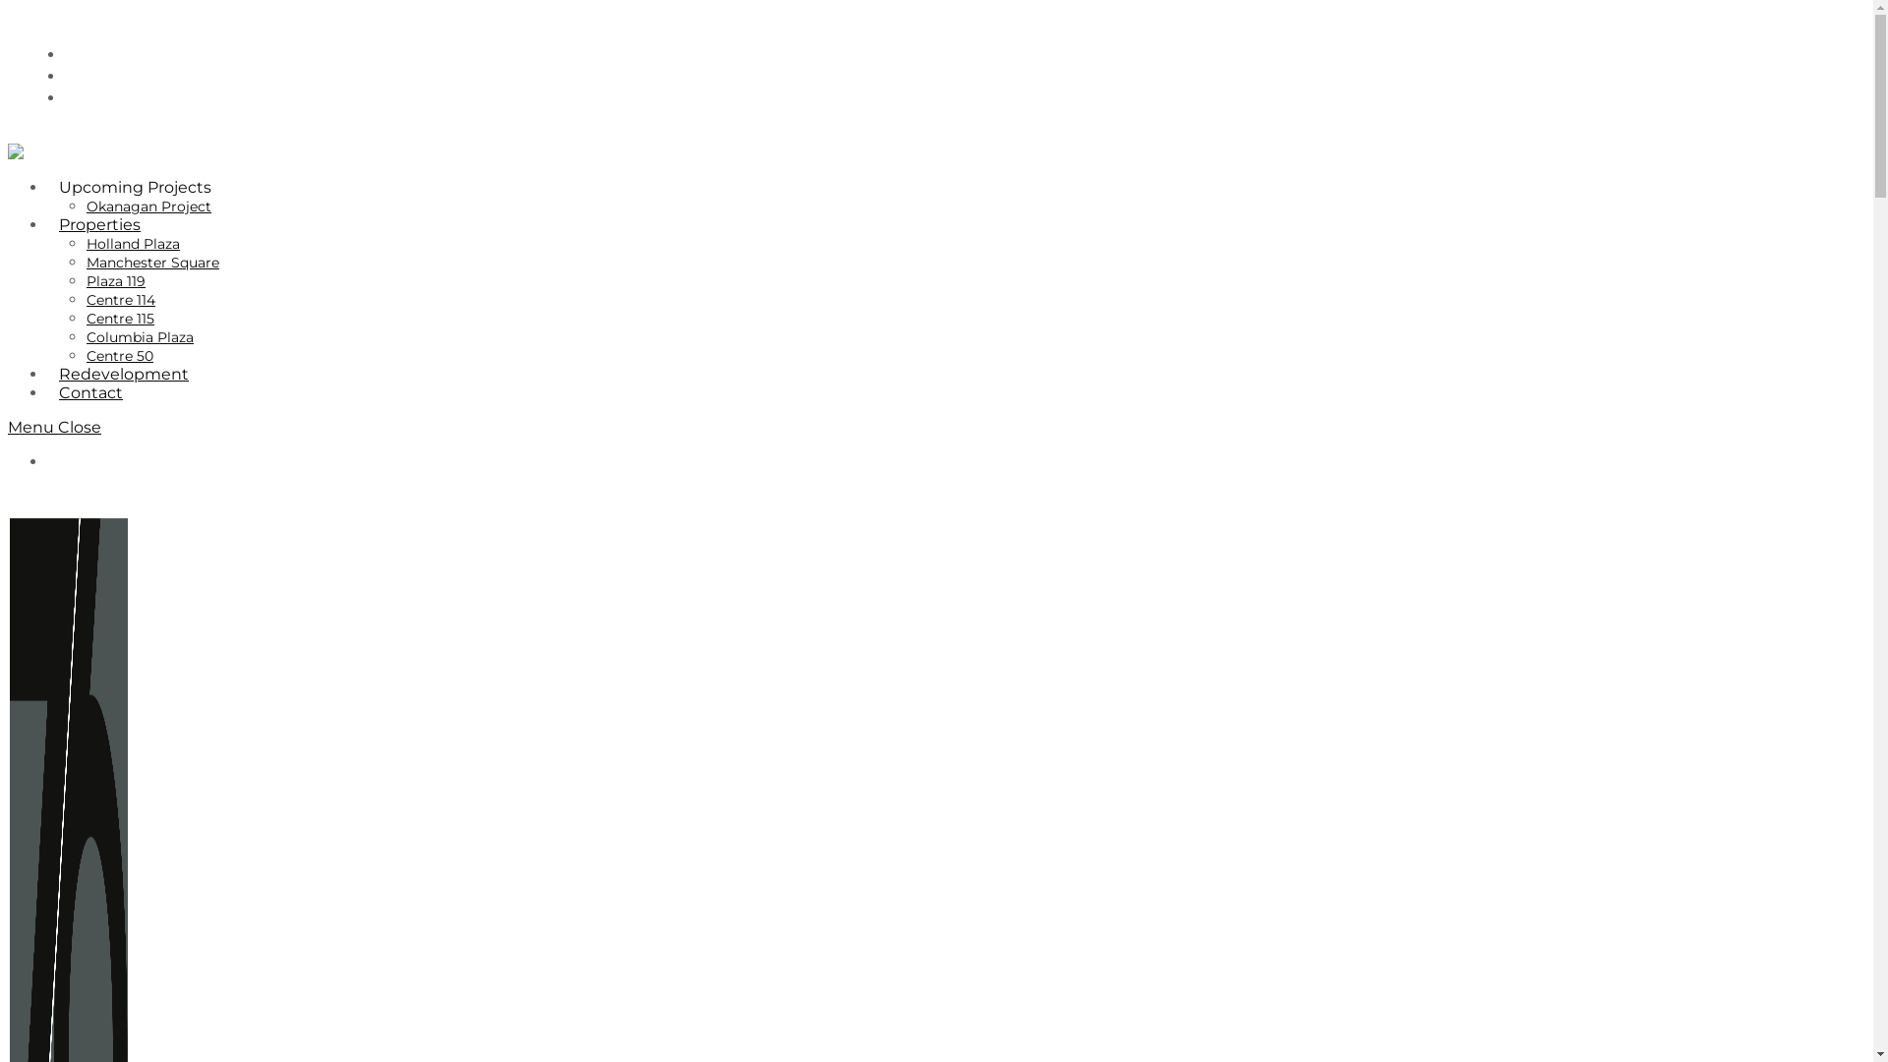 The image size is (1888, 1062). What do you see at coordinates (122, 374) in the screenshot?
I see `'Redevelopment'` at bounding box center [122, 374].